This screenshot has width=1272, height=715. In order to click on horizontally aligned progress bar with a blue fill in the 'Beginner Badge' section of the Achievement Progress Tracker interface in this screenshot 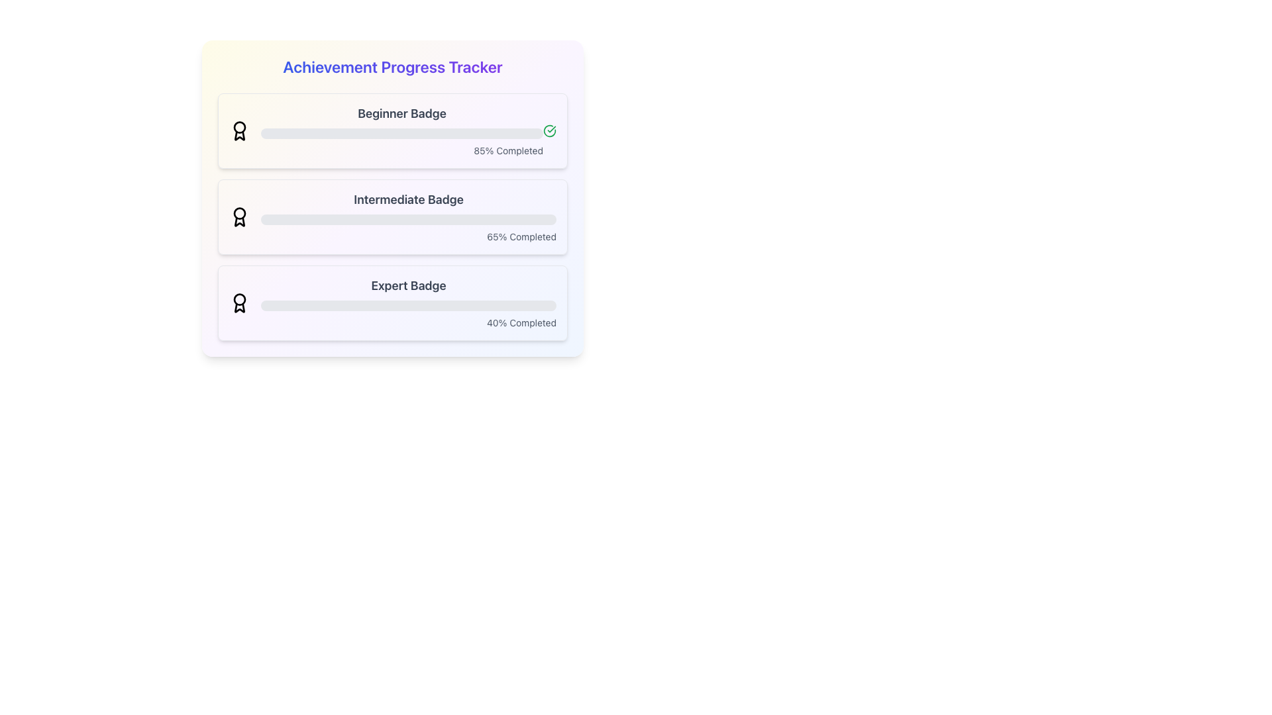, I will do `click(380, 133)`.